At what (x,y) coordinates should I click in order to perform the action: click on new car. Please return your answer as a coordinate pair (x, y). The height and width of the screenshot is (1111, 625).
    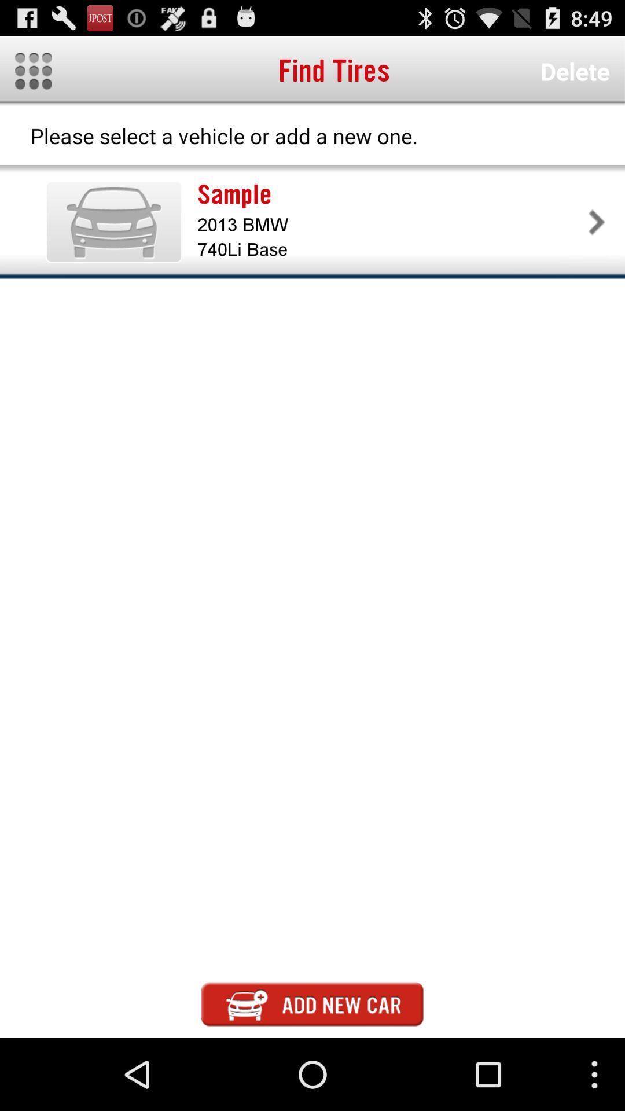
    Looking at the image, I should click on (312, 1003).